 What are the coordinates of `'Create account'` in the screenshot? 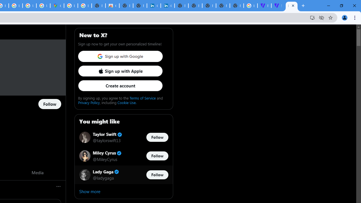 It's located at (120, 85).